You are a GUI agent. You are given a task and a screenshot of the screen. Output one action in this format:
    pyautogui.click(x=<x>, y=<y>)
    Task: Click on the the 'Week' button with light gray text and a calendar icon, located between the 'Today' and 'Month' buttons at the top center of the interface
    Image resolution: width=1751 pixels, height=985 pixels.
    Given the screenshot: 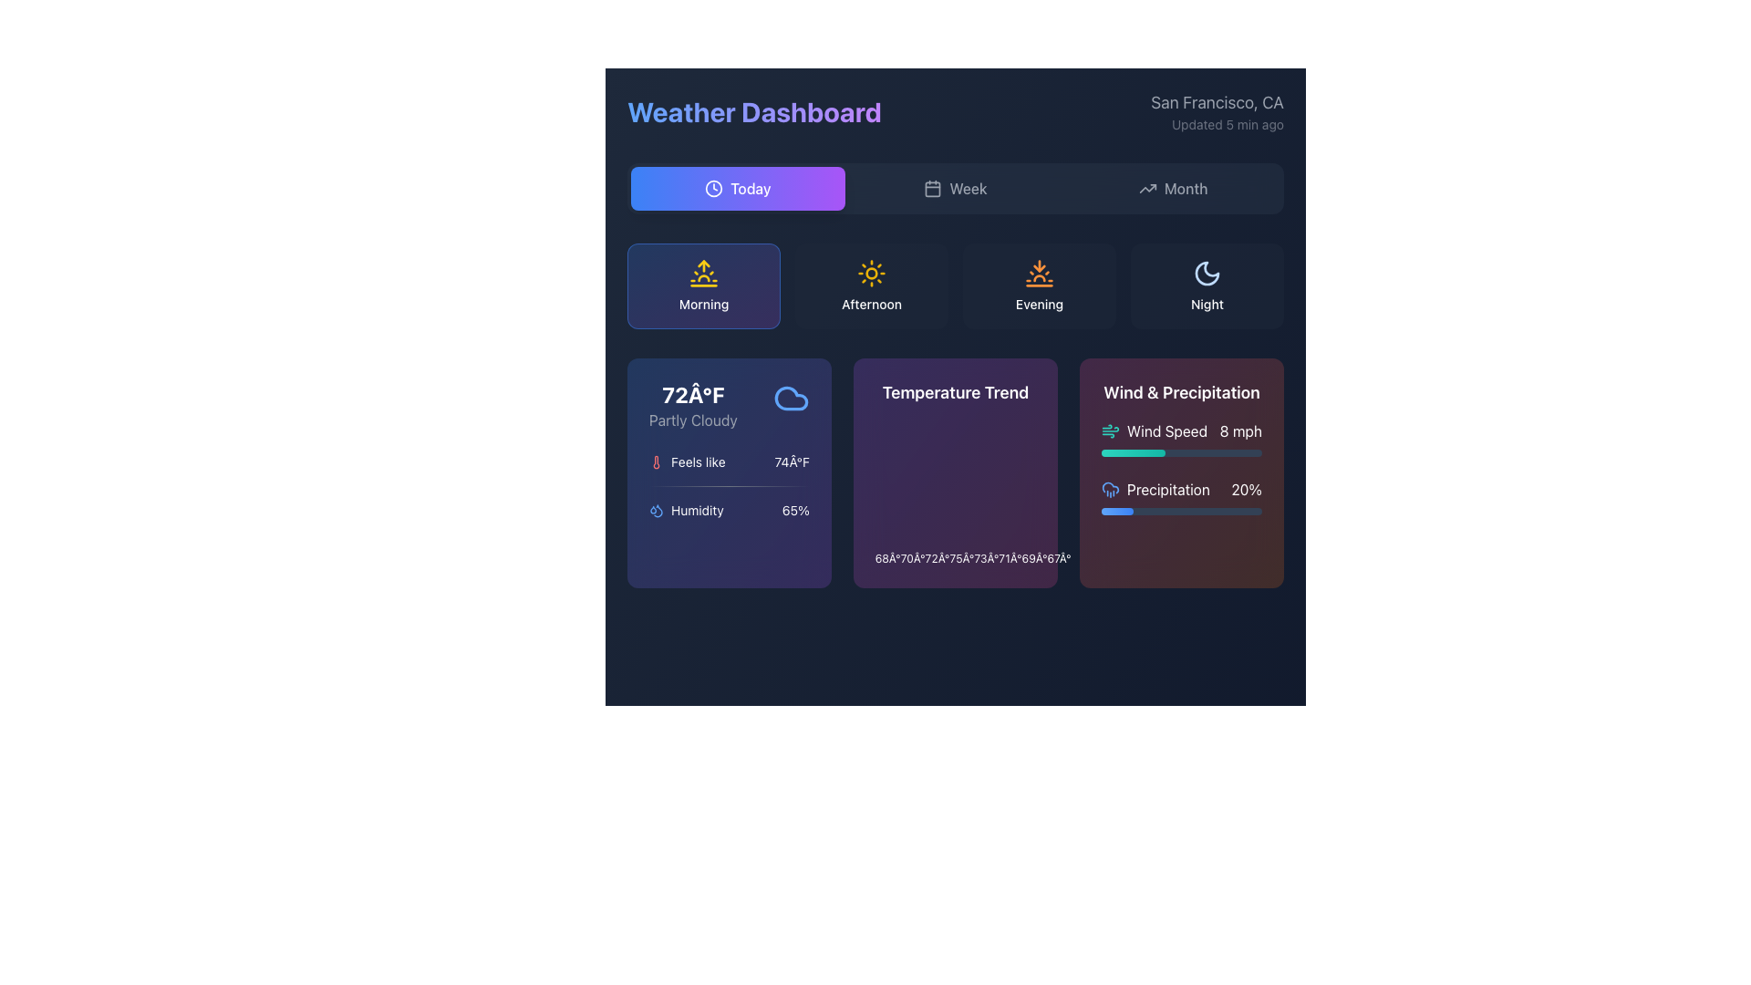 What is the action you would take?
    pyautogui.click(x=954, y=189)
    